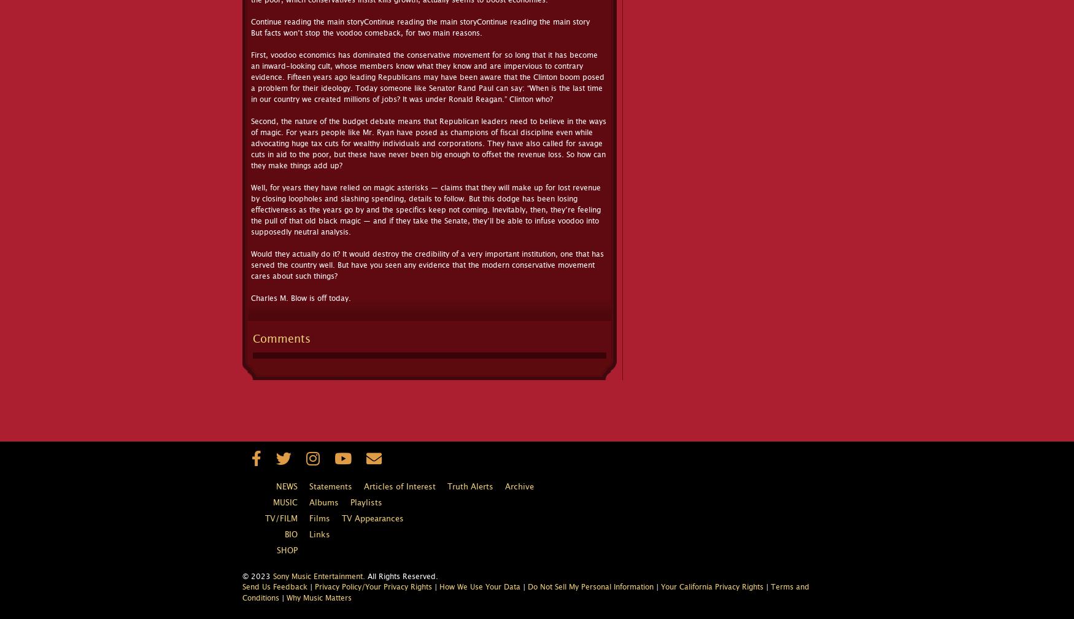  Describe the element at coordinates (399, 487) in the screenshot. I see `'Articles of Interest'` at that location.